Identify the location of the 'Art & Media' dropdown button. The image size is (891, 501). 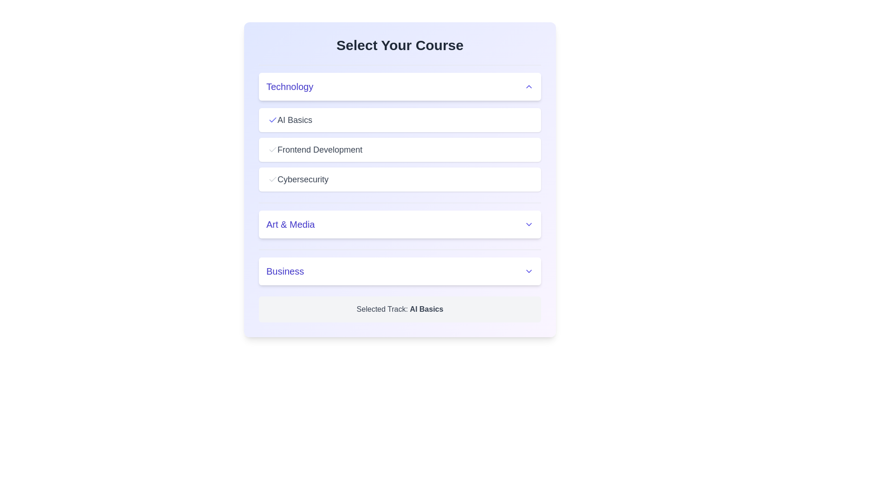
(400, 220).